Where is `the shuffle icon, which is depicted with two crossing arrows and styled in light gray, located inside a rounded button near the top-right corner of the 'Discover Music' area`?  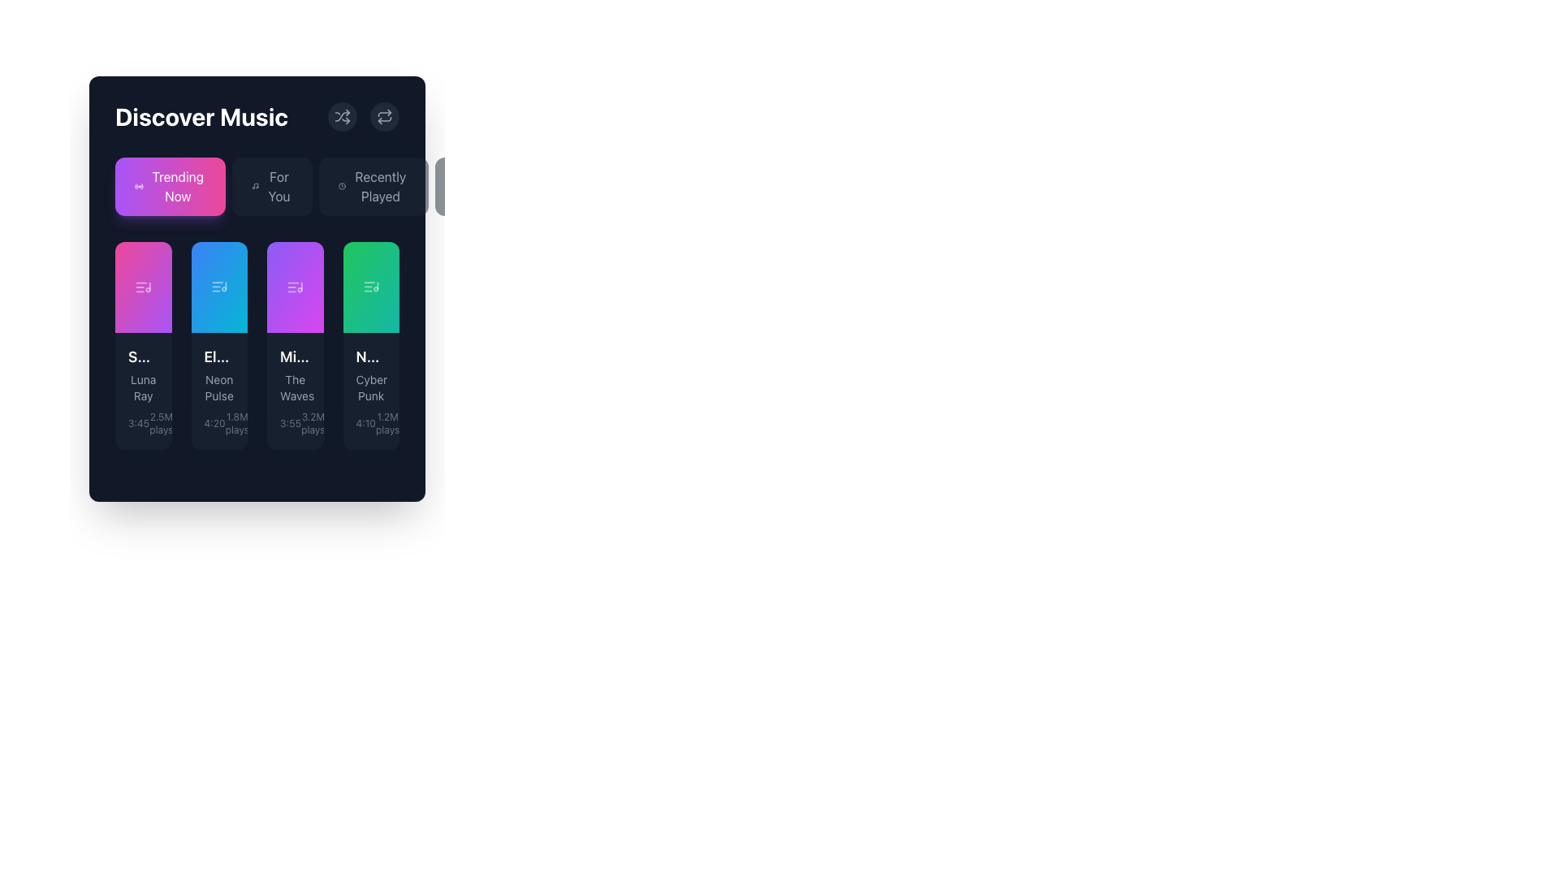
the shuffle icon, which is depicted with two crossing arrows and styled in light gray, located inside a rounded button near the top-right corner of the 'Discover Music' area is located at coordinates (342, 115).